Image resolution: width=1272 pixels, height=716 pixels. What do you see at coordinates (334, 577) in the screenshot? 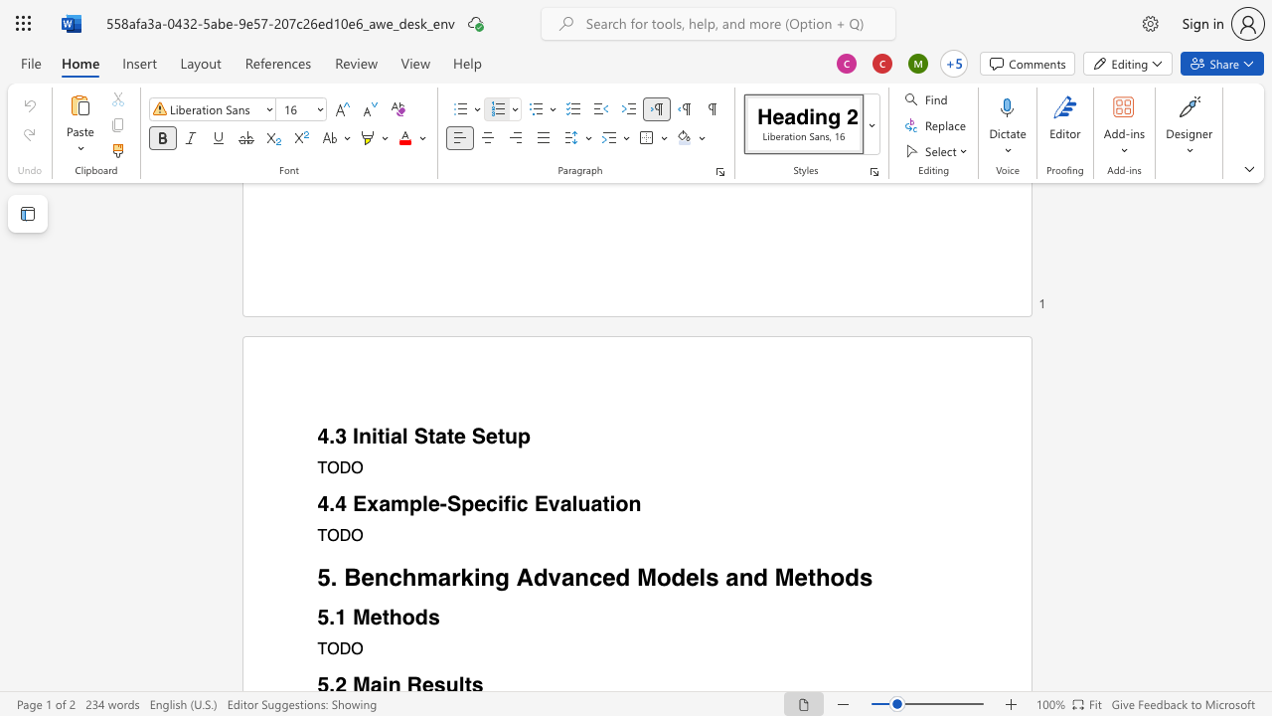
I see `the 1th character "." in the text` at bounding box center [334, 577].